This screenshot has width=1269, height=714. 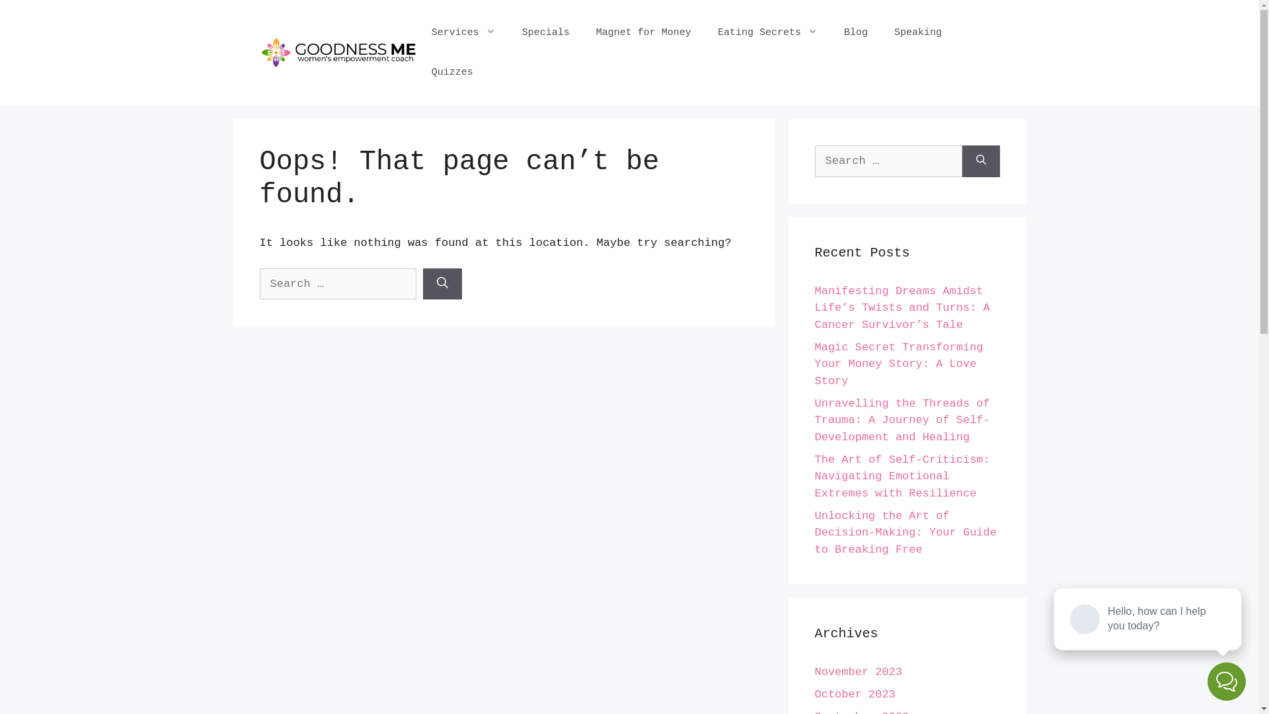 I want to click on 'November 2023', so click(x=858, y=672).